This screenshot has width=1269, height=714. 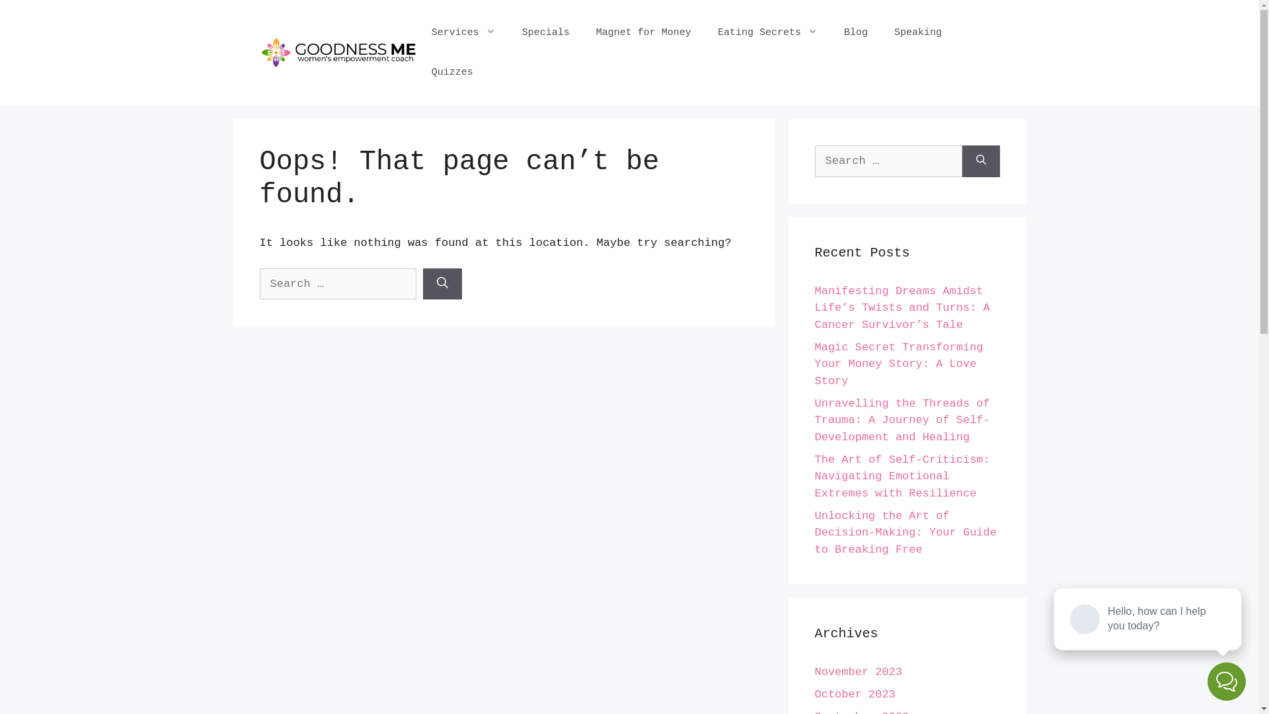 I want to click on 'November 2023', so click(x=858, y=672).